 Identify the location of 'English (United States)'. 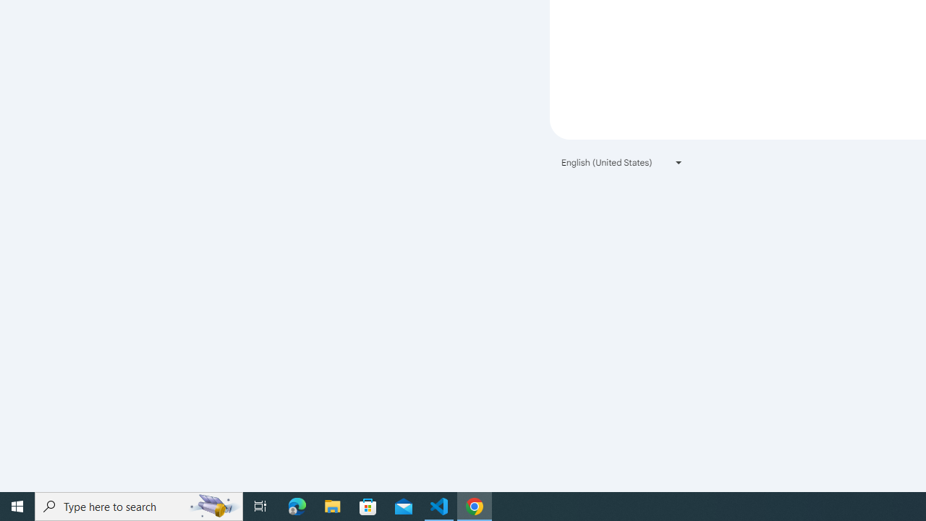
(622, 162).